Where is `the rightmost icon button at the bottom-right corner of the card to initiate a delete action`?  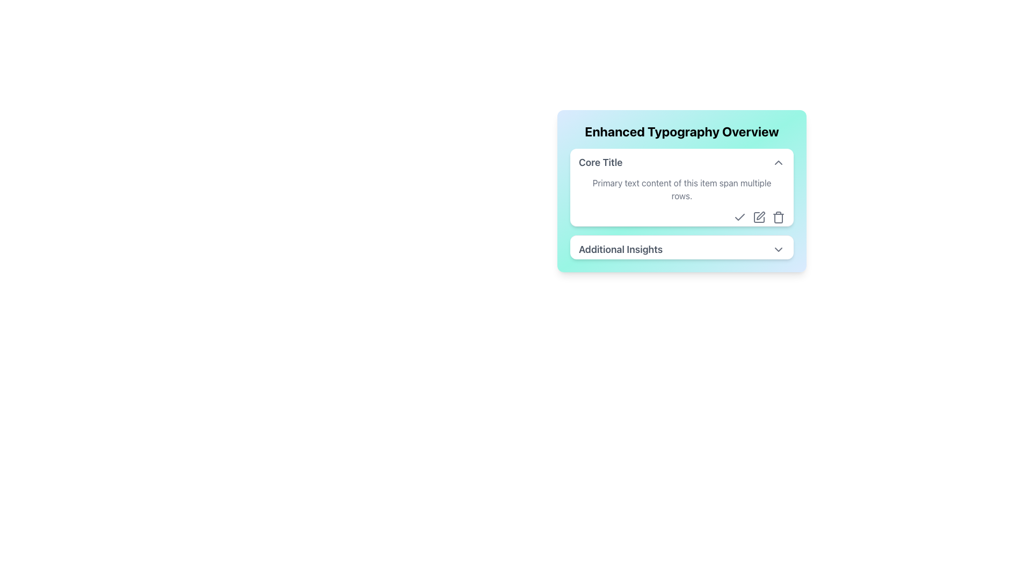 the rightmost icon button at the bottom-right corner of the card to initiate a delete action is located at coordinates (778, 218).